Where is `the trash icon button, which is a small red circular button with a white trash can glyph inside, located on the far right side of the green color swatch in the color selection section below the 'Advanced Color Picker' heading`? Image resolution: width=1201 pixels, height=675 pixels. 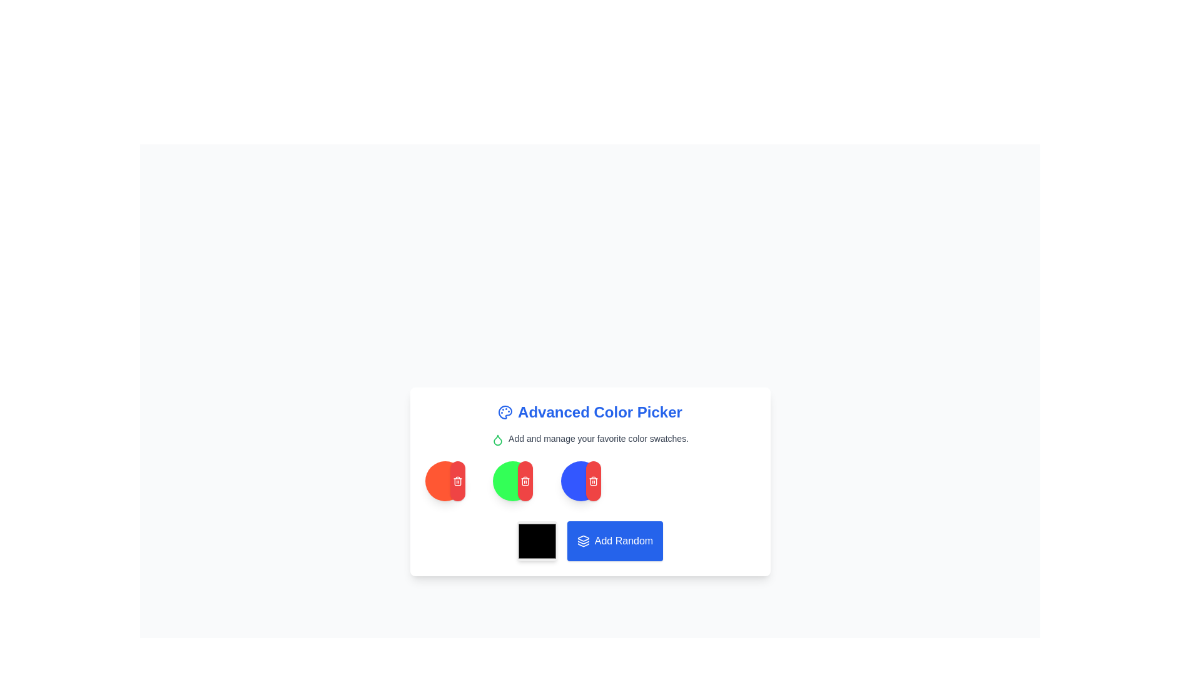
the trash icon button, which is a small red circular button with a white trash can glyph inside, located on the far right side of the green color swatch in the color selection section below the 'Advanced Color Picker' heading is located at coordinates (457, 480).